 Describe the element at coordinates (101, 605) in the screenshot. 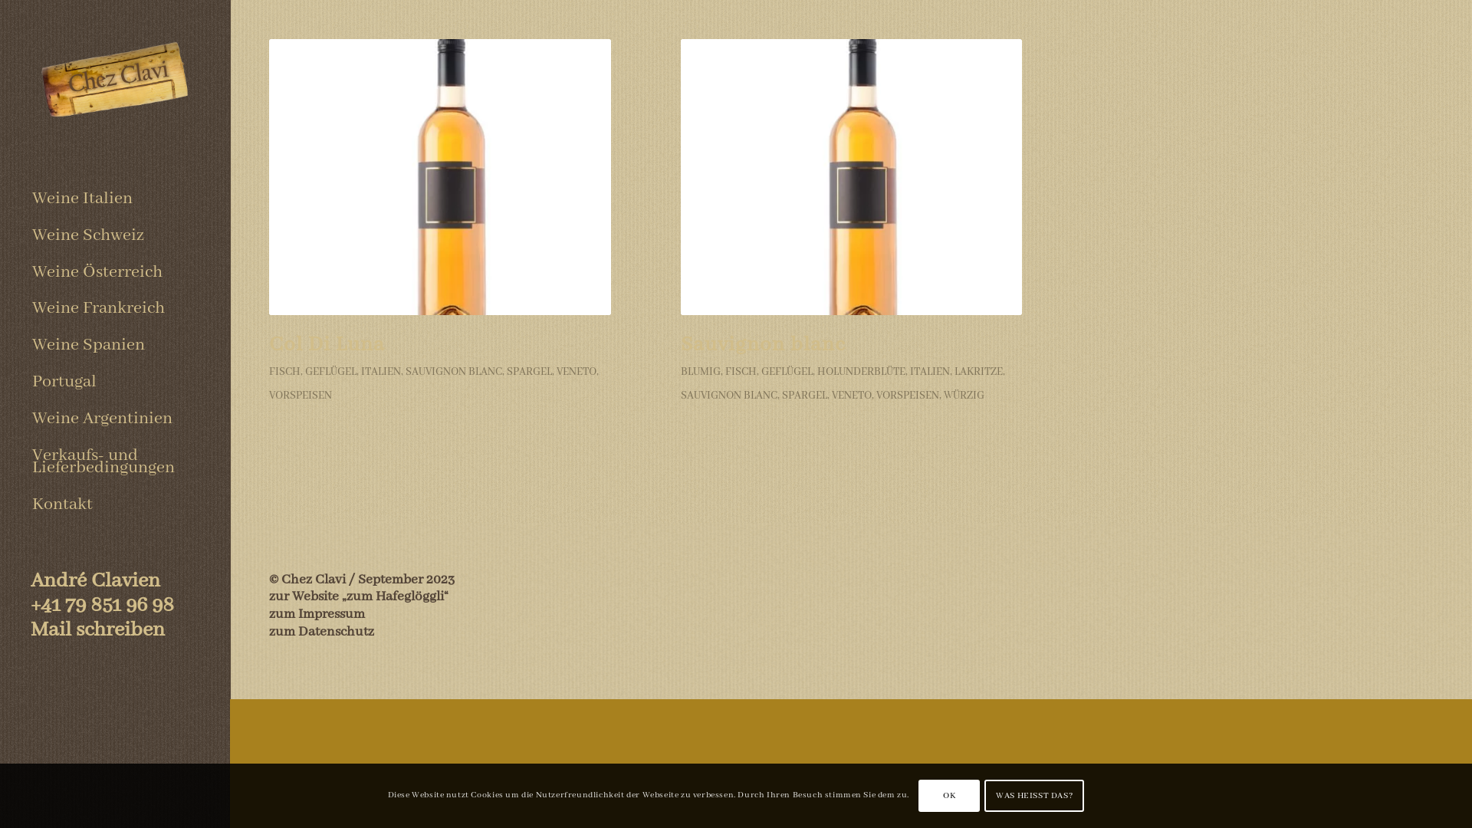

I see `'+41 79 851 96 98'` at that location.